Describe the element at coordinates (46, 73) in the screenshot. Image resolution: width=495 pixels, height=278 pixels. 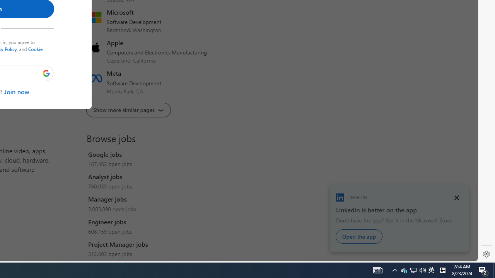
I see `'Class: LgbsSe-Bz112c'` at that location.